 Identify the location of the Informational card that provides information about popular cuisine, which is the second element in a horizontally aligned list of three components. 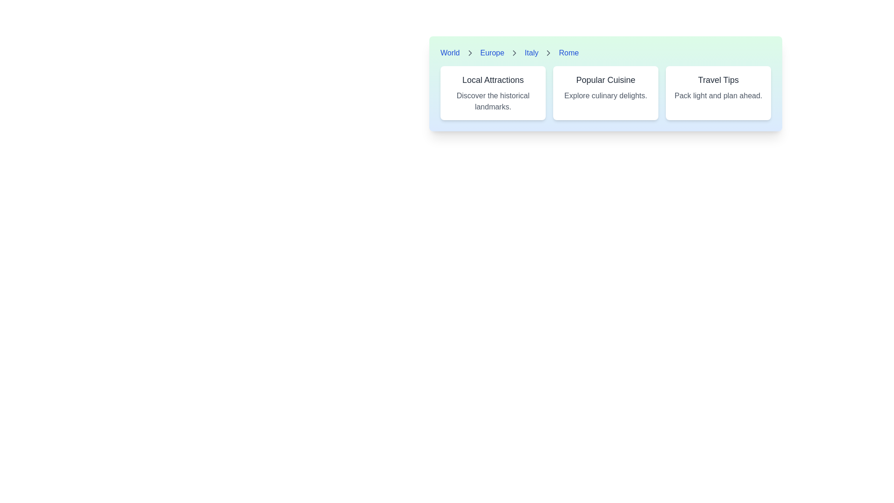
(605, 84).